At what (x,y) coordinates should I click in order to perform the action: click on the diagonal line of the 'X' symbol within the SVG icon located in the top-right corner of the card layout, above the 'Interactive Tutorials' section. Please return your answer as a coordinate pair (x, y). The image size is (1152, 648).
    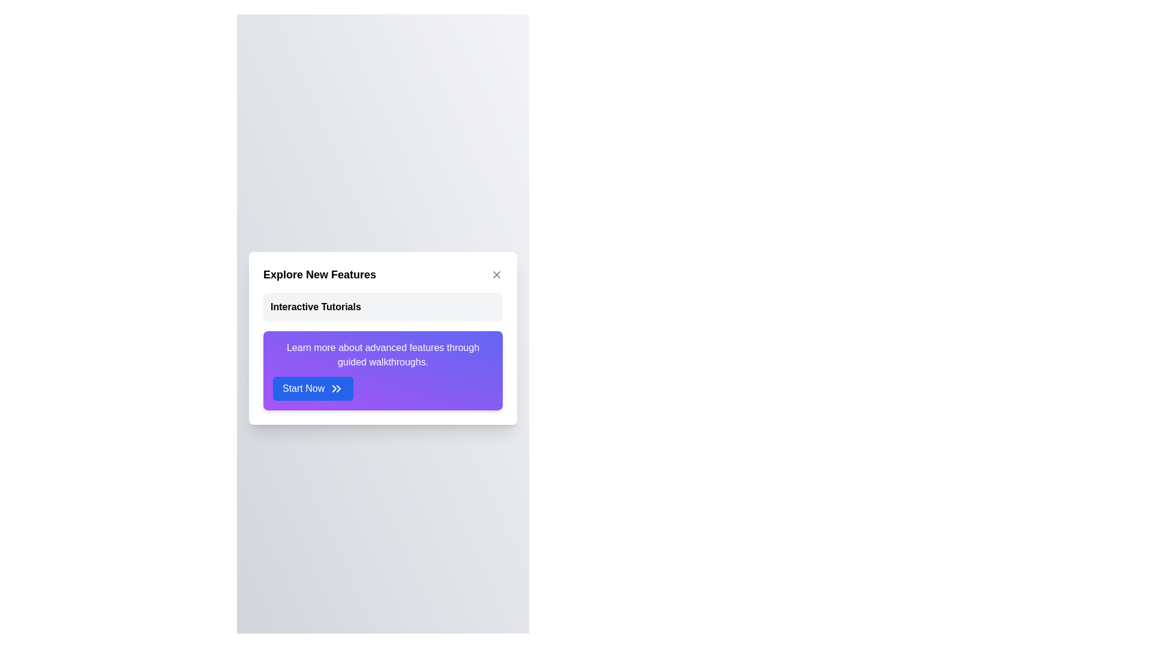
    Looking at the image, I should click on (497, 275).